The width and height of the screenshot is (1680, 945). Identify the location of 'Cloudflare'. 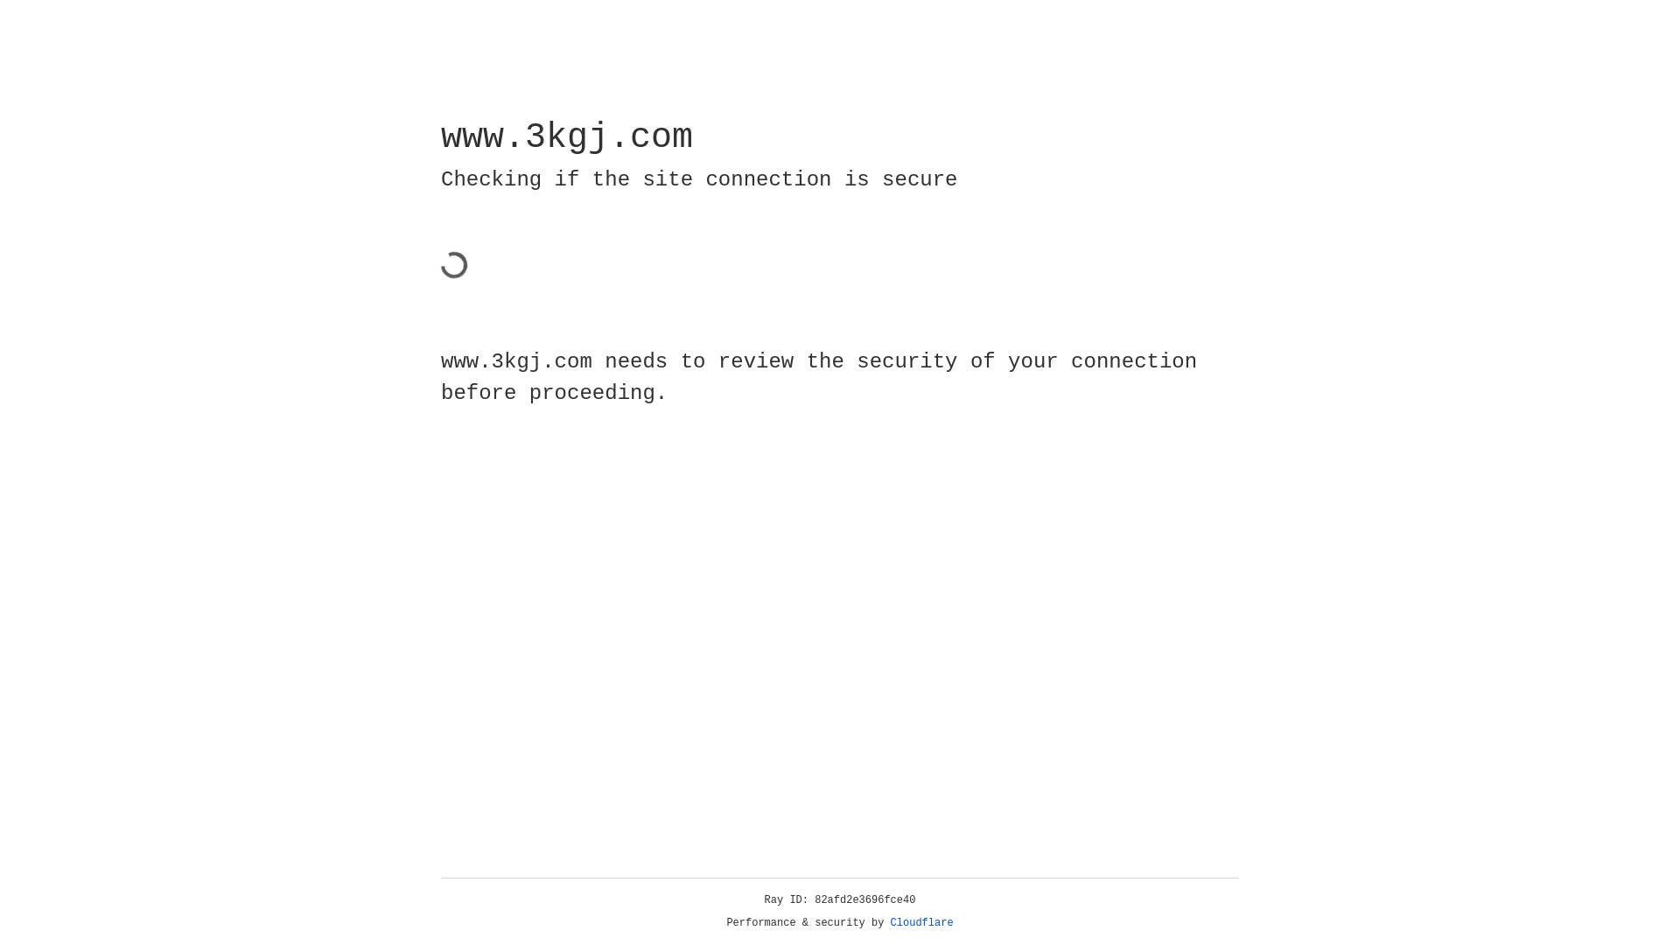
(921, 922).